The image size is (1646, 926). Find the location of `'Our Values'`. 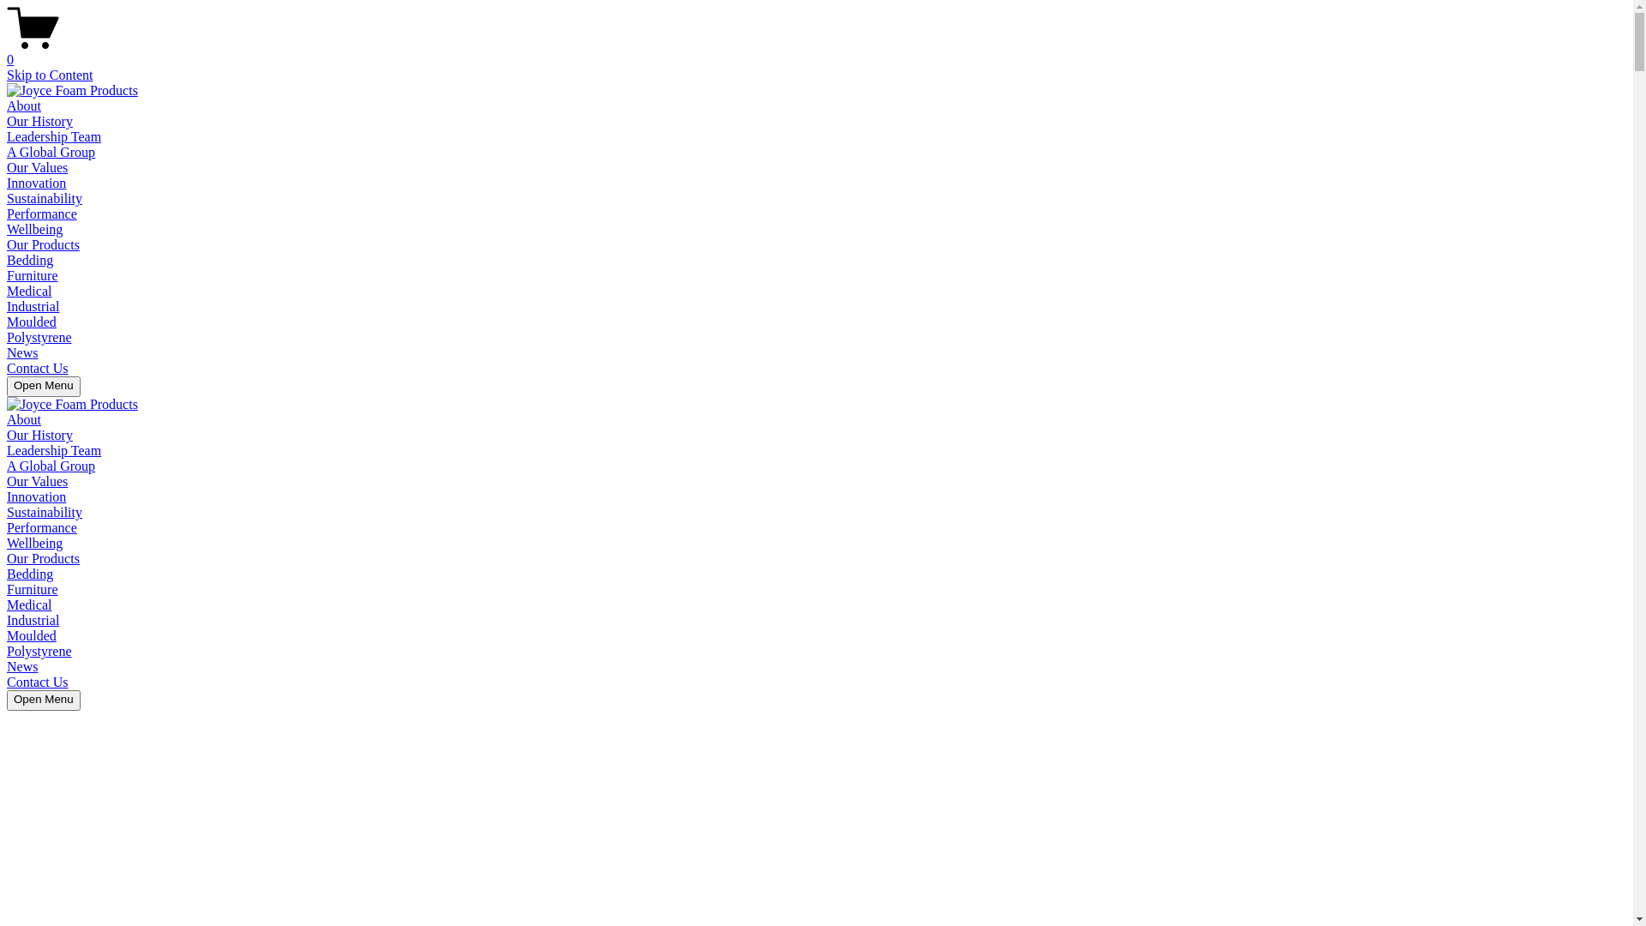

'Our Values' is located at coordinates (37, 167).